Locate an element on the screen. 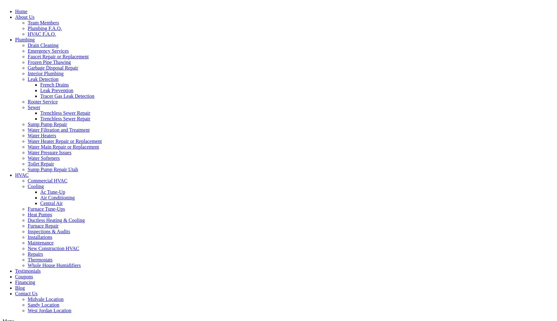 The width and height of the screenshot is (557, 321). 'Plumbing' is located at coordinates (25, 39).